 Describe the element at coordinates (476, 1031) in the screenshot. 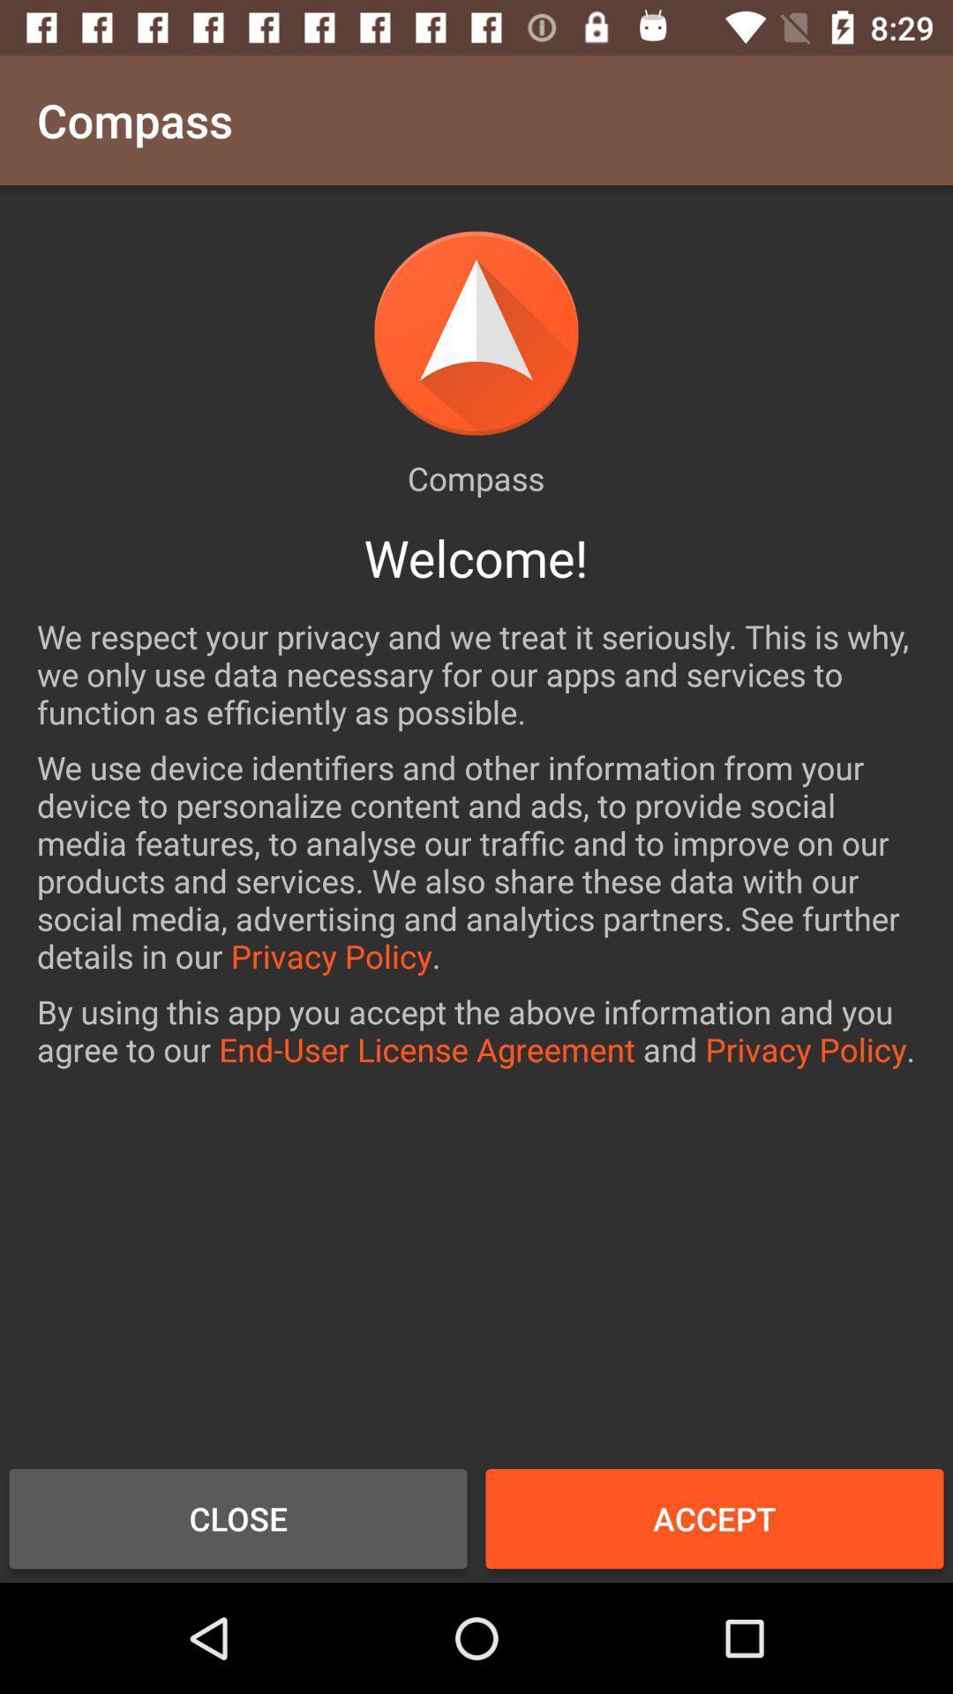

I see `by using this icon` at that location.